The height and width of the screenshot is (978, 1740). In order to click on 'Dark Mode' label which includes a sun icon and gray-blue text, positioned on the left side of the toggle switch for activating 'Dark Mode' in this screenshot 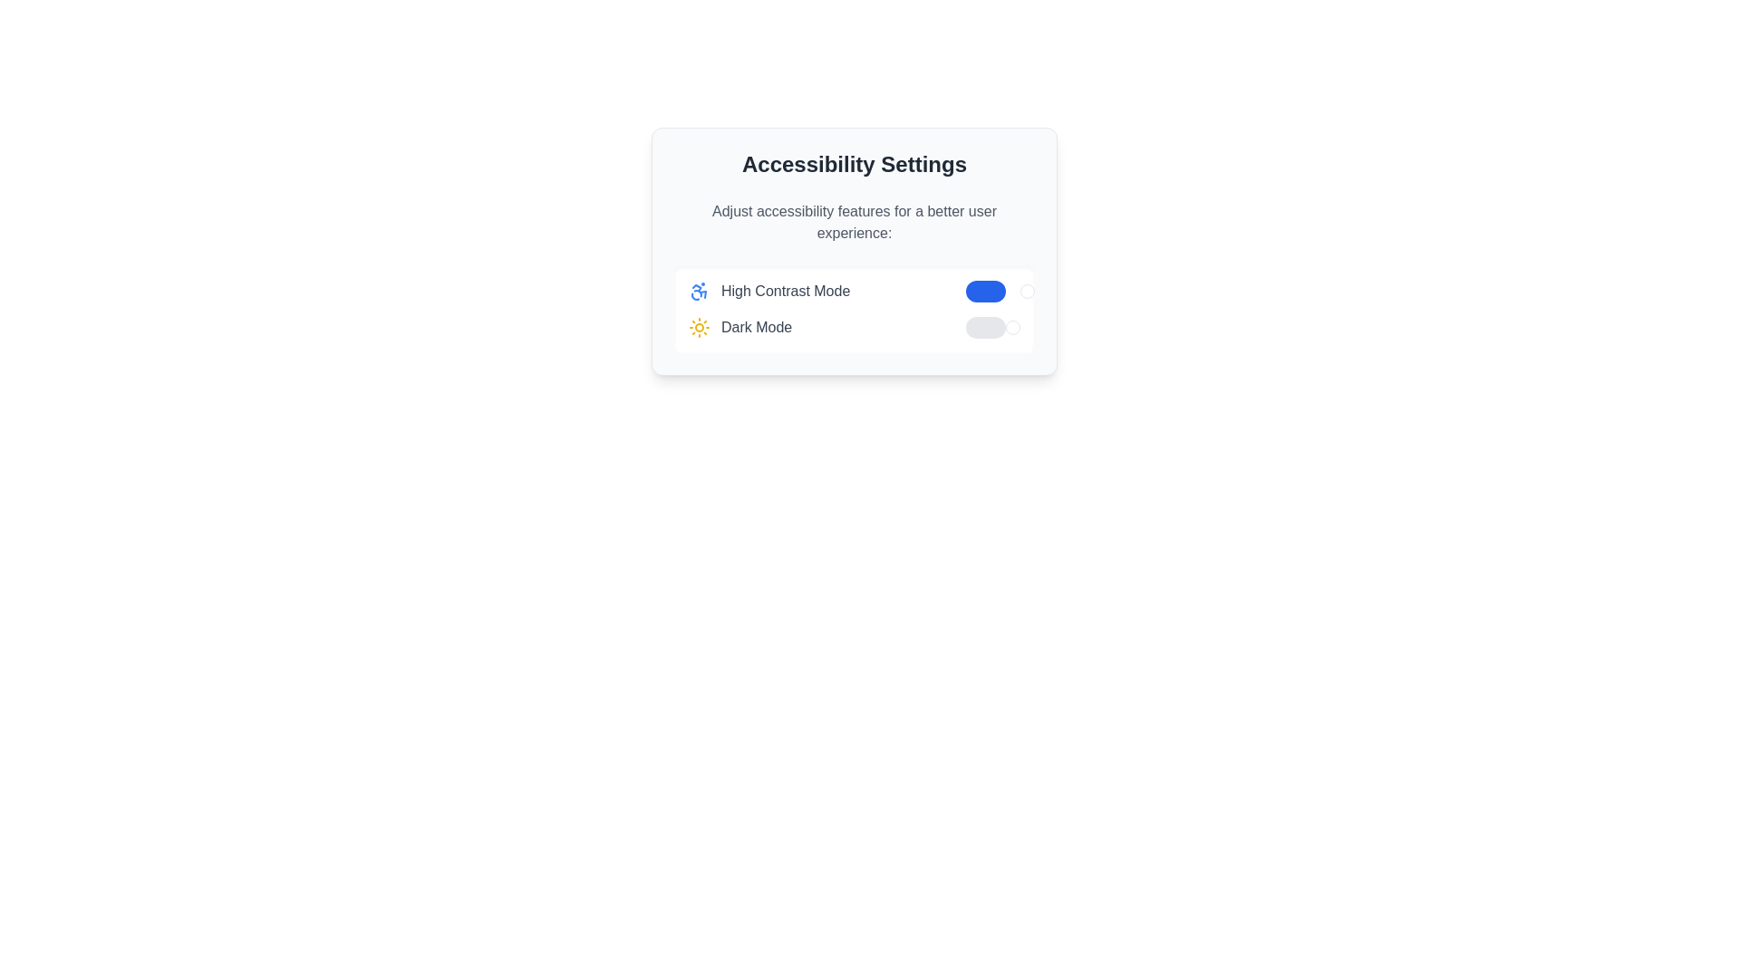, I will do `click(740, 328)`.